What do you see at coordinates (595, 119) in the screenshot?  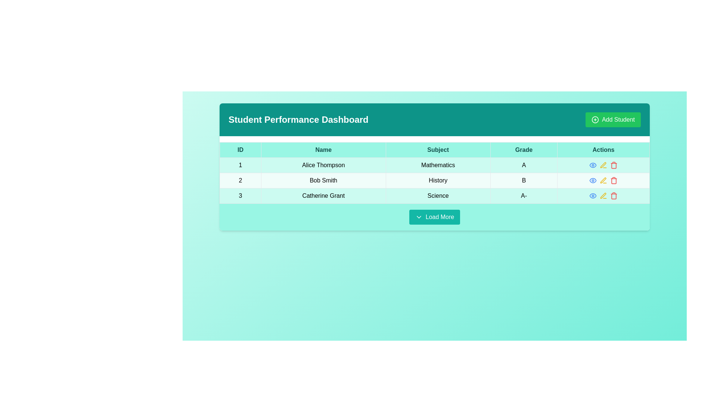 I see `the circular SVG decorative component within the 'Add Student' button located in the top-right corner of the table header` at bounding box center [595, 119].